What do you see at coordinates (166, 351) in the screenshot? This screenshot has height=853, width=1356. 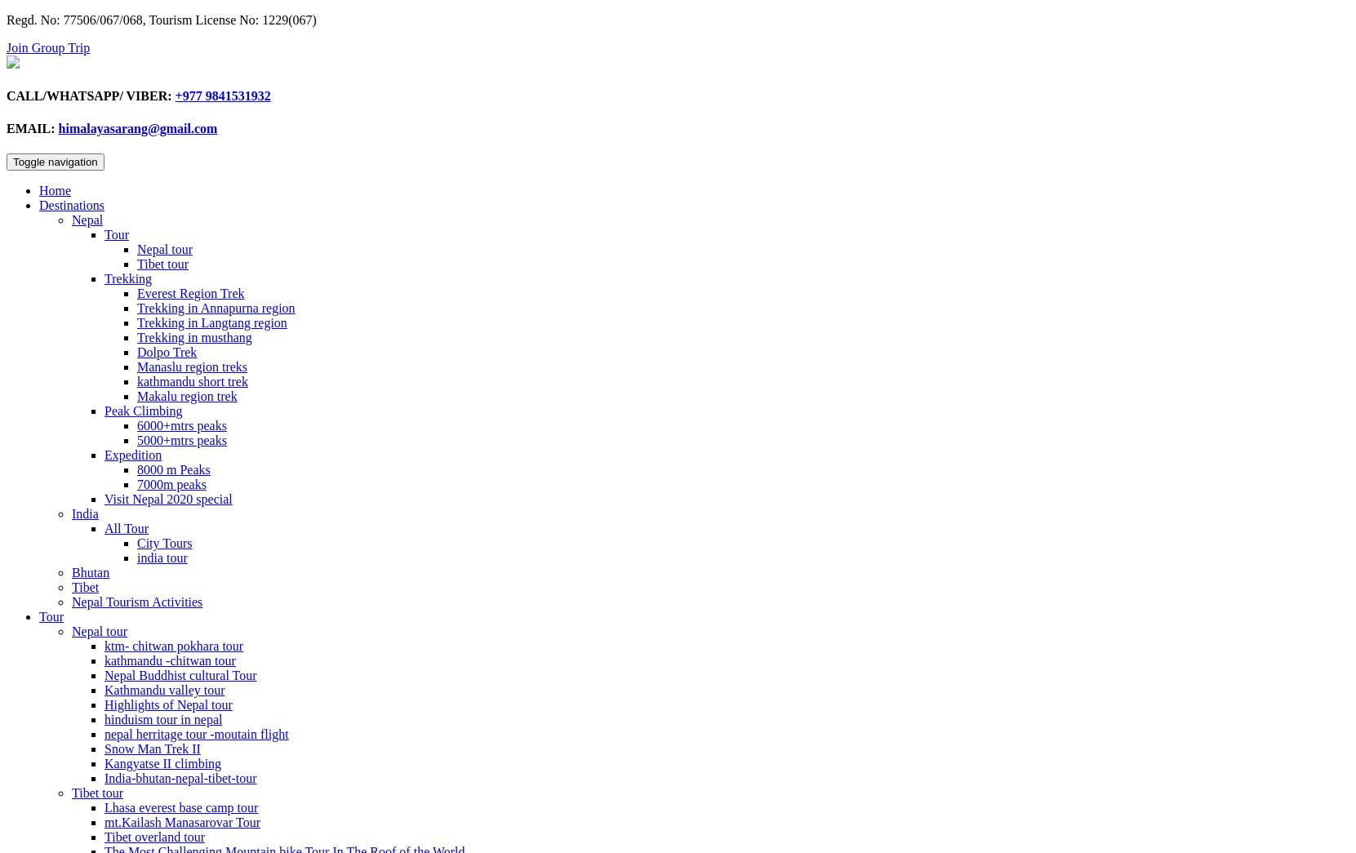 I see `'Dolpo Trek'` at bounding box center [166, 351].